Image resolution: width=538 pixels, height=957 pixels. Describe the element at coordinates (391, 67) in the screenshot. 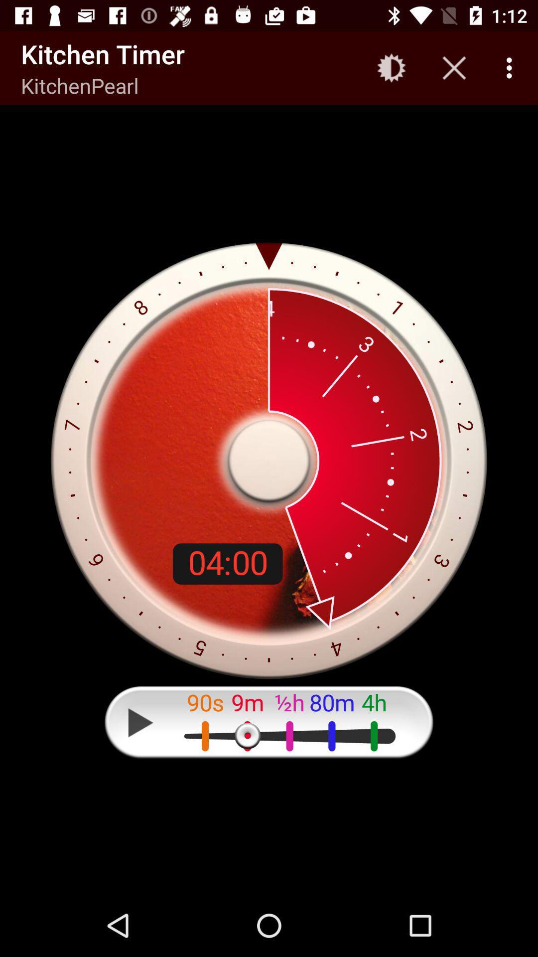

I see `the icon next to the kitchen timer app` at that location.